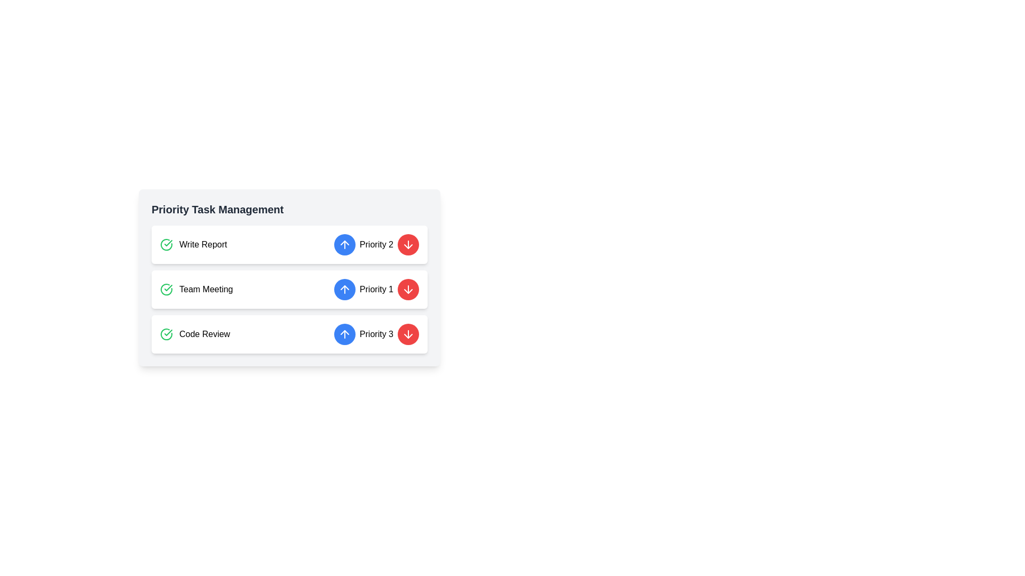  I want to click on the 'Team Meeting' label that indicates the task within the 'Priority Task Management' card, positioned between 'Write Report' and 'Code Review', so click(206, 290).